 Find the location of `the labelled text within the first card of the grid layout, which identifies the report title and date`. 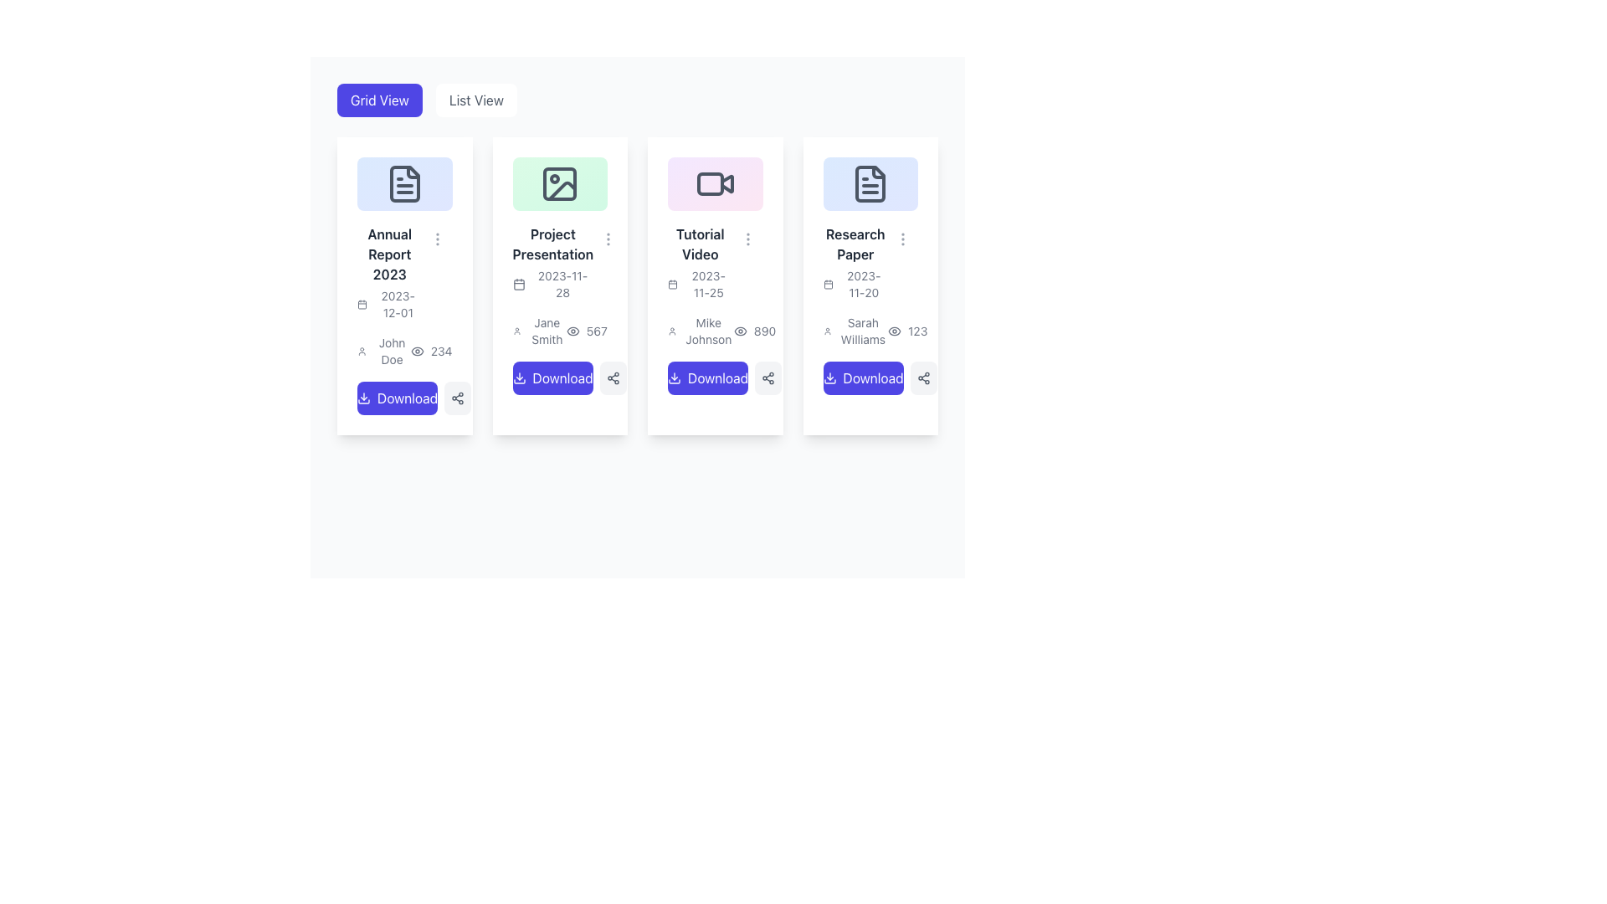

the labelled text within the first card of the grid layout, which identifies the report title and date is located at coordinates (388, 271).